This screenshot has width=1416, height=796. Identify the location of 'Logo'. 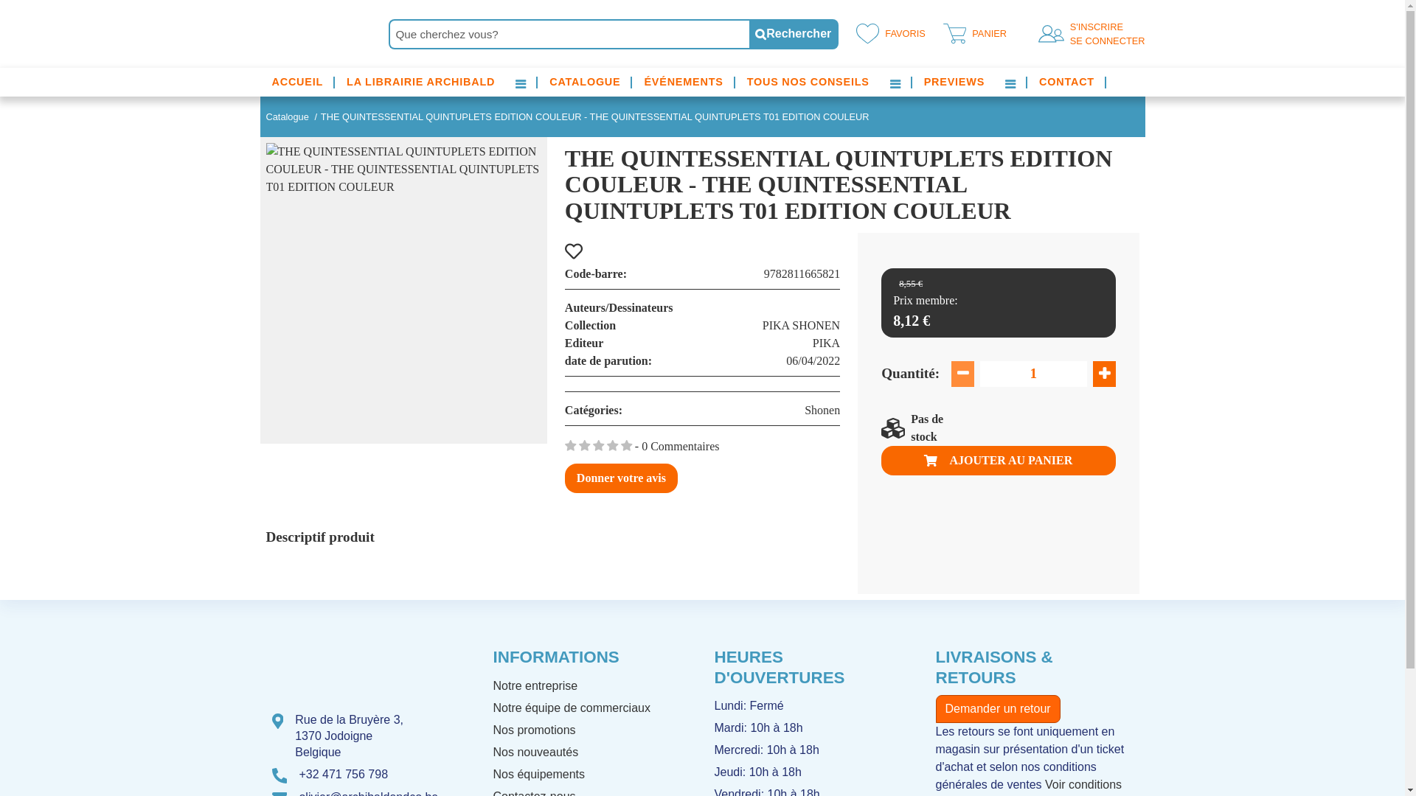
(259, 33).